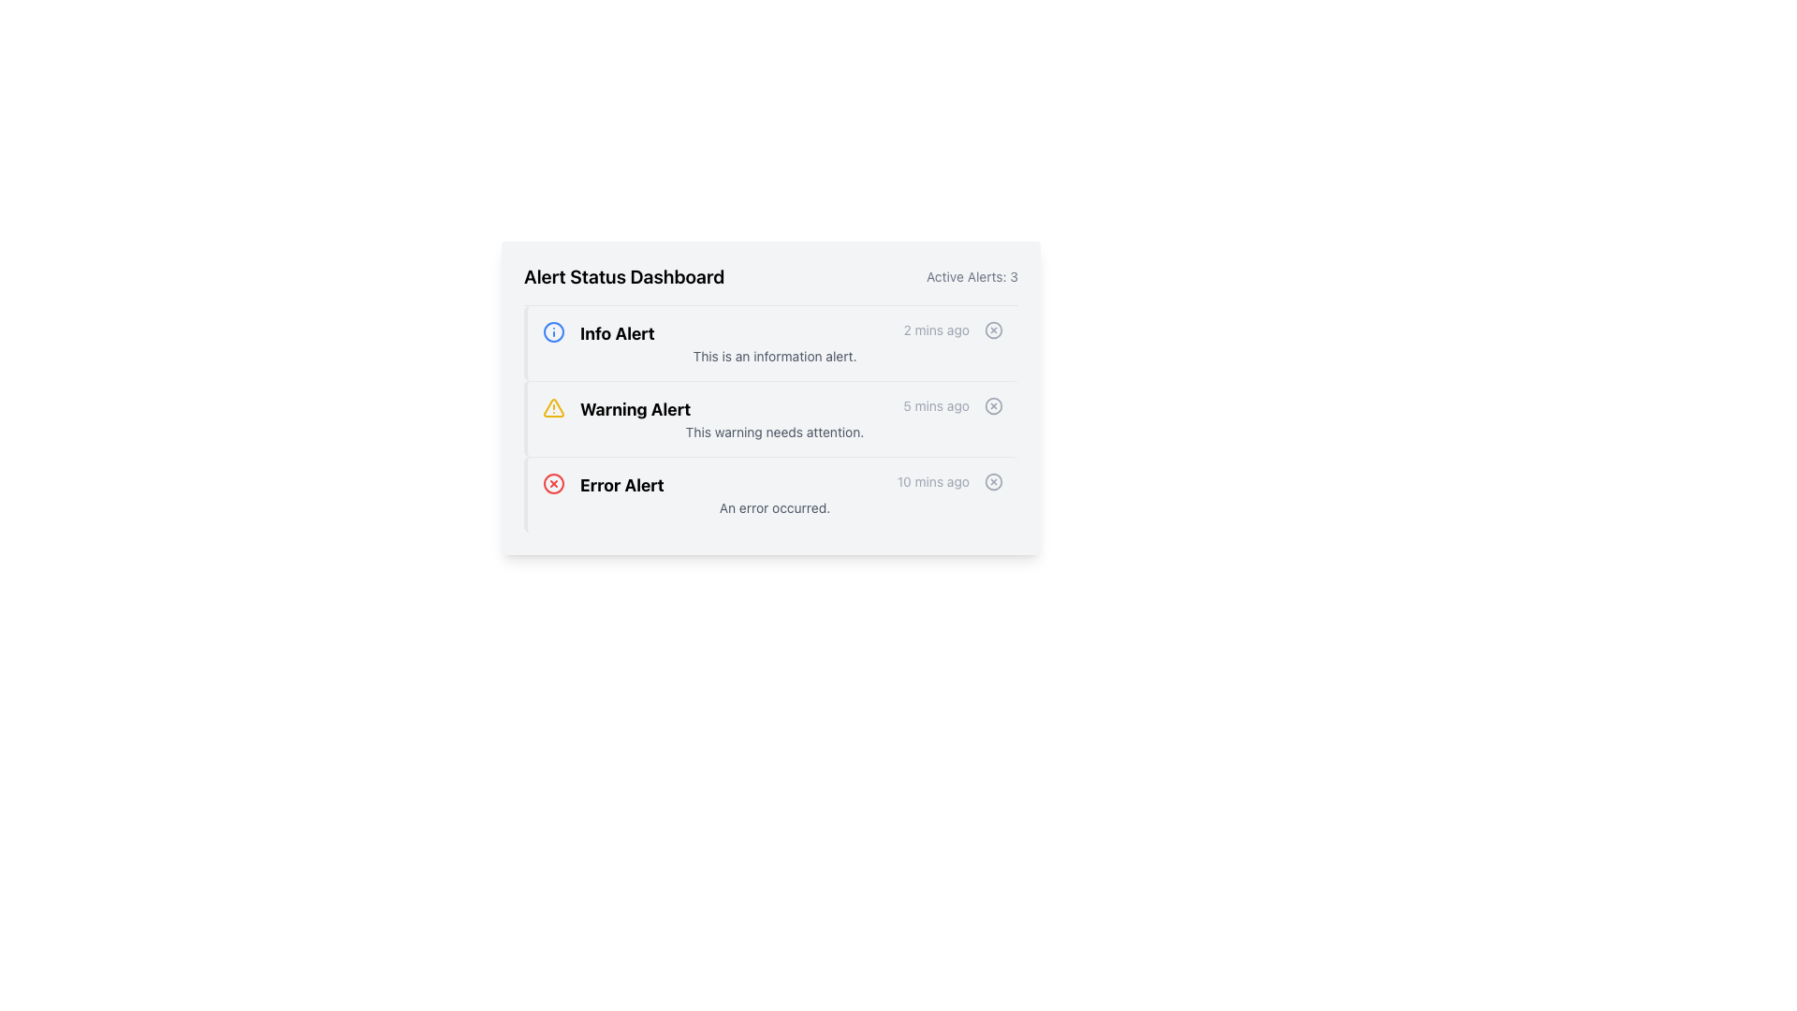 The image size is (1797, 1011). What do you see at coordinates (992, 405) in the screenshot?
I see `the circular button that serves as an interactive element for closing the associated alert in the second row of the alert list` at bounding box center [992, 405].